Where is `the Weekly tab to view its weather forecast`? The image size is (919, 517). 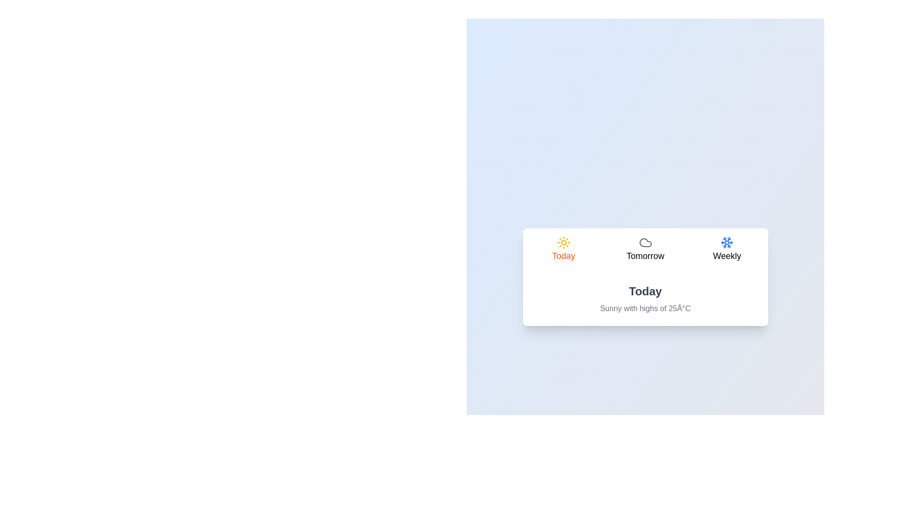
the Weekly tab to view its weather forecast is located at coordinates (727, 250).